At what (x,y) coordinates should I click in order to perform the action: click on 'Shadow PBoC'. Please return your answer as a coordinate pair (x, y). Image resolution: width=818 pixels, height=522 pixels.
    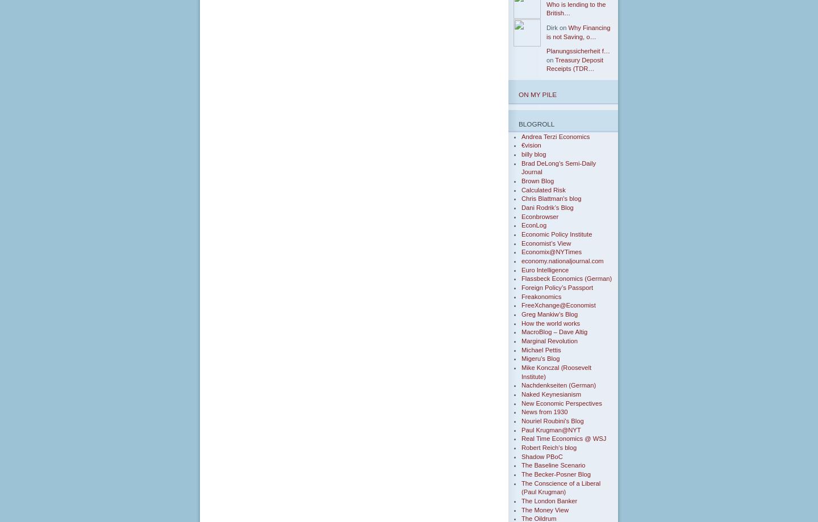
    Looking at the image, I should click on (542, 456).